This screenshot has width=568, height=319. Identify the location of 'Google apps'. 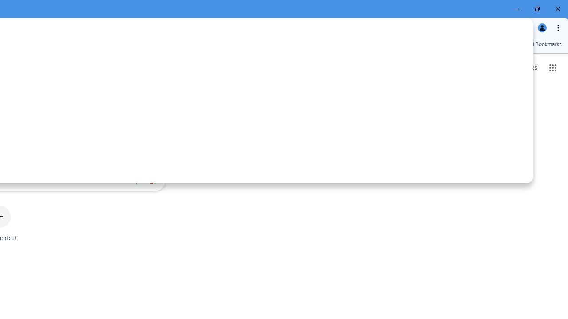
(552, 67).